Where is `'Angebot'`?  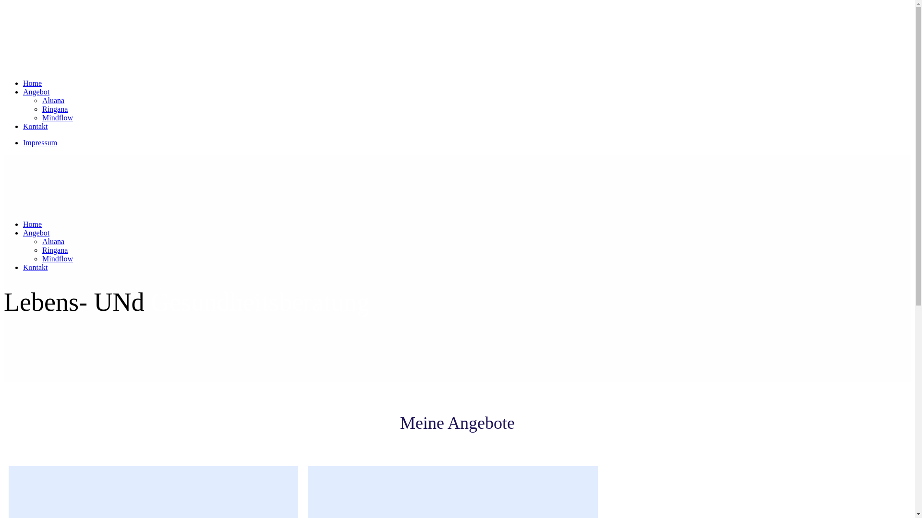 'Angebot' is located at coordinates (36, 92).